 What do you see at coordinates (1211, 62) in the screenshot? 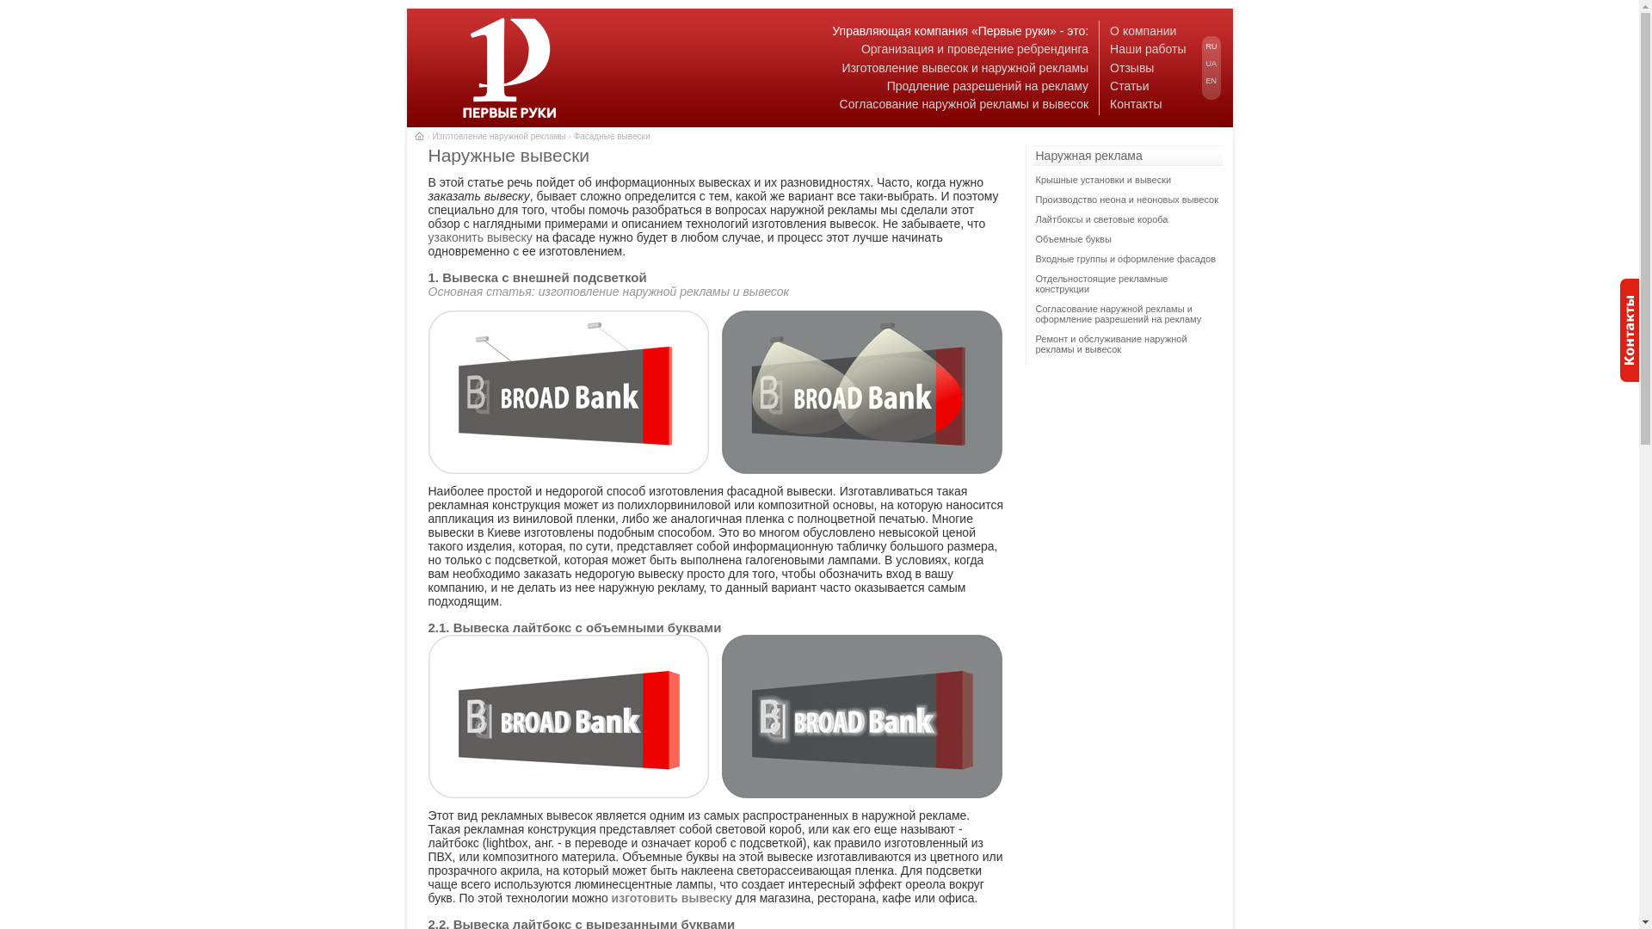
I see `'UA'` at bounding box center [1211, 62].